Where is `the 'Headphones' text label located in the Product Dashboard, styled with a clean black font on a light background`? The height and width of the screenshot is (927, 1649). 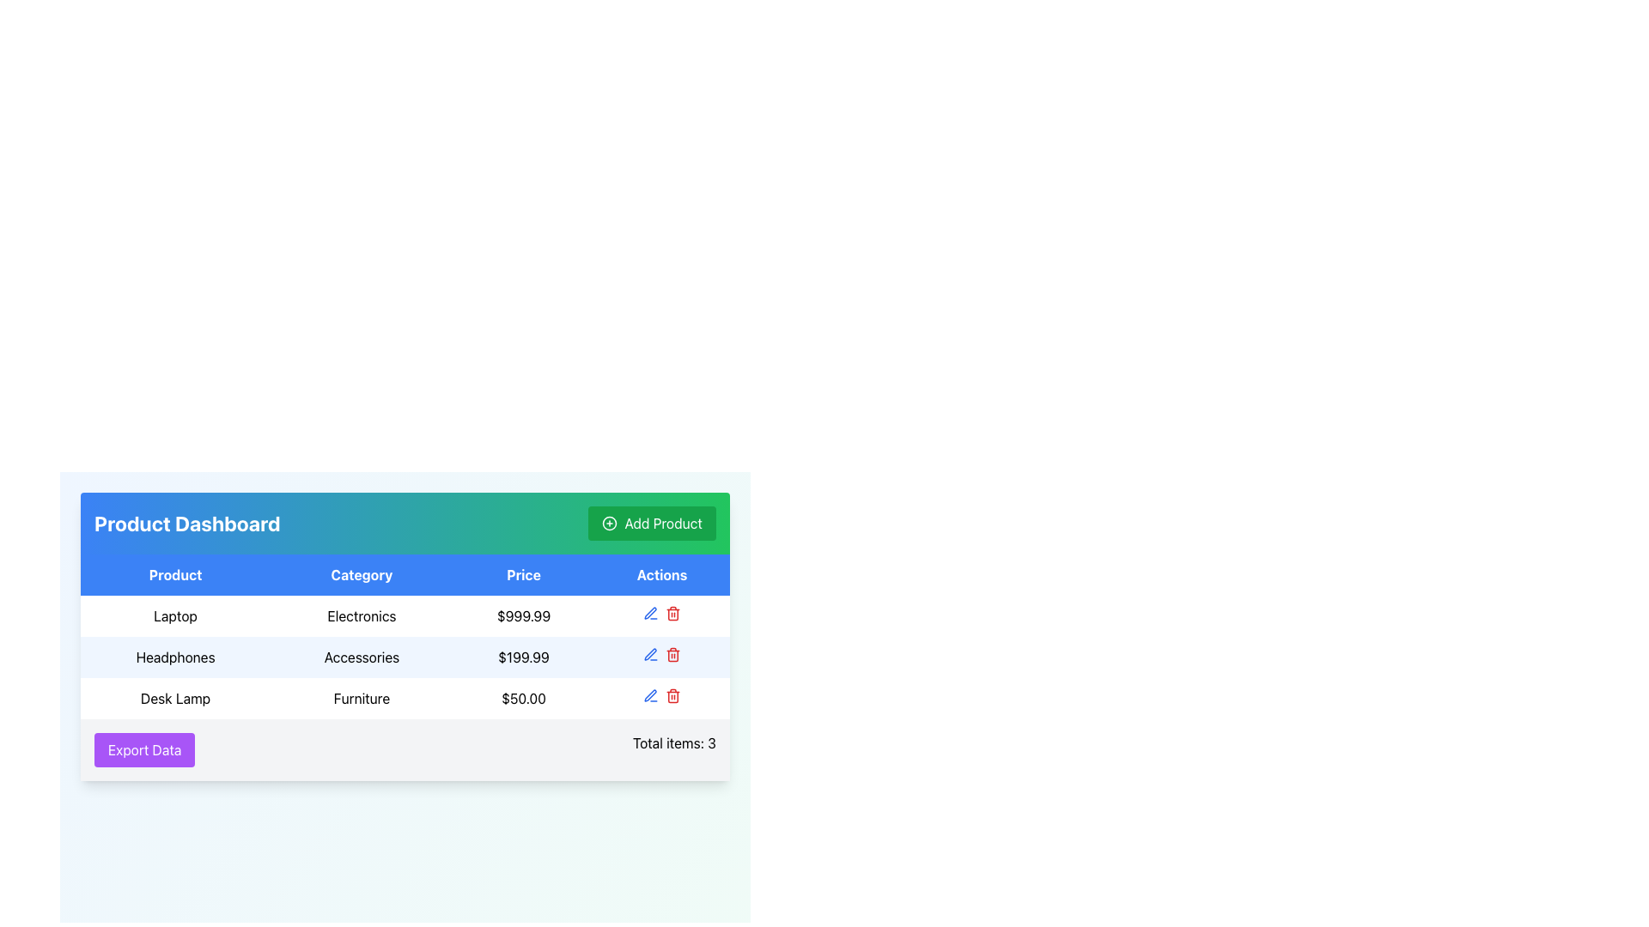
the 'Headphones' text label located in the Product Dashboard, styled with a clean black font on a light background is located at coordinates (175, 657).